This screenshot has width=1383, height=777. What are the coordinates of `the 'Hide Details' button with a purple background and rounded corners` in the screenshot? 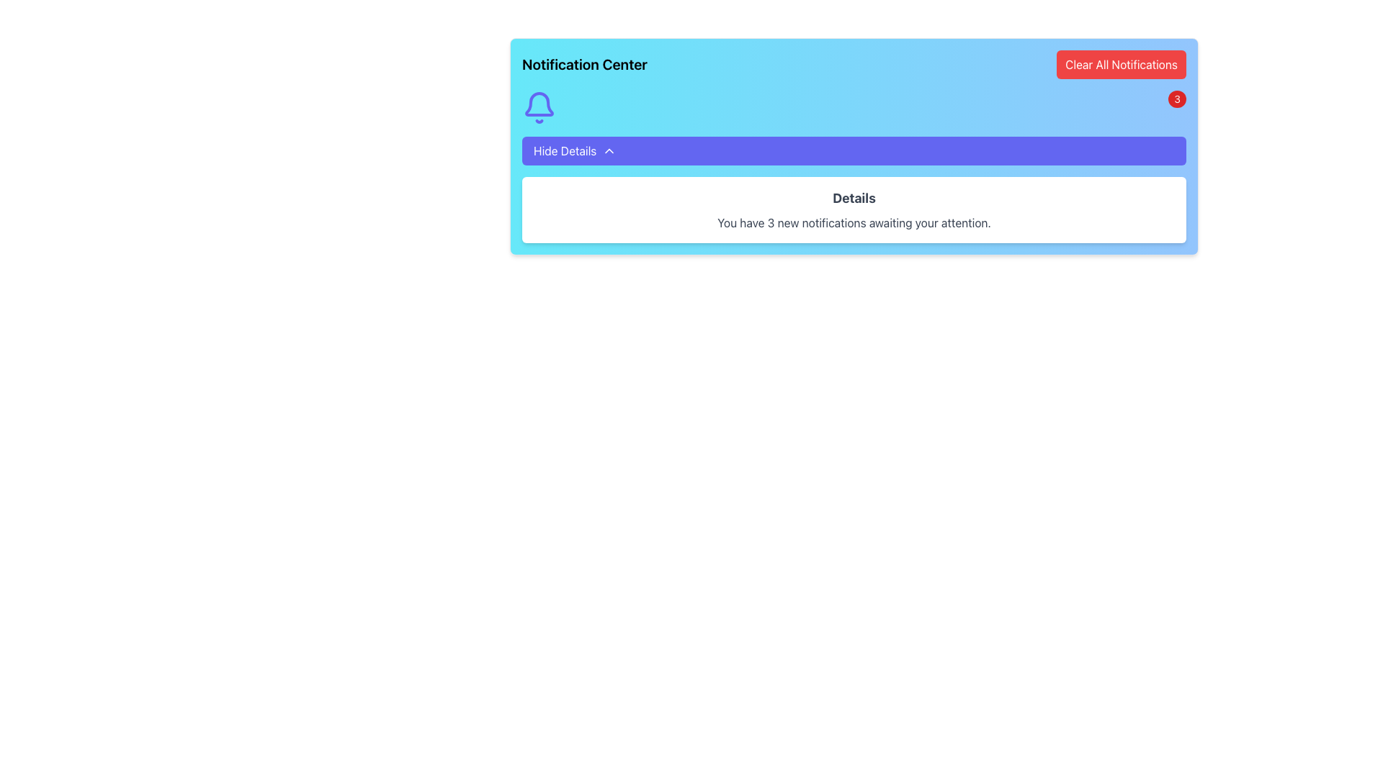 It's located at (854, 150).